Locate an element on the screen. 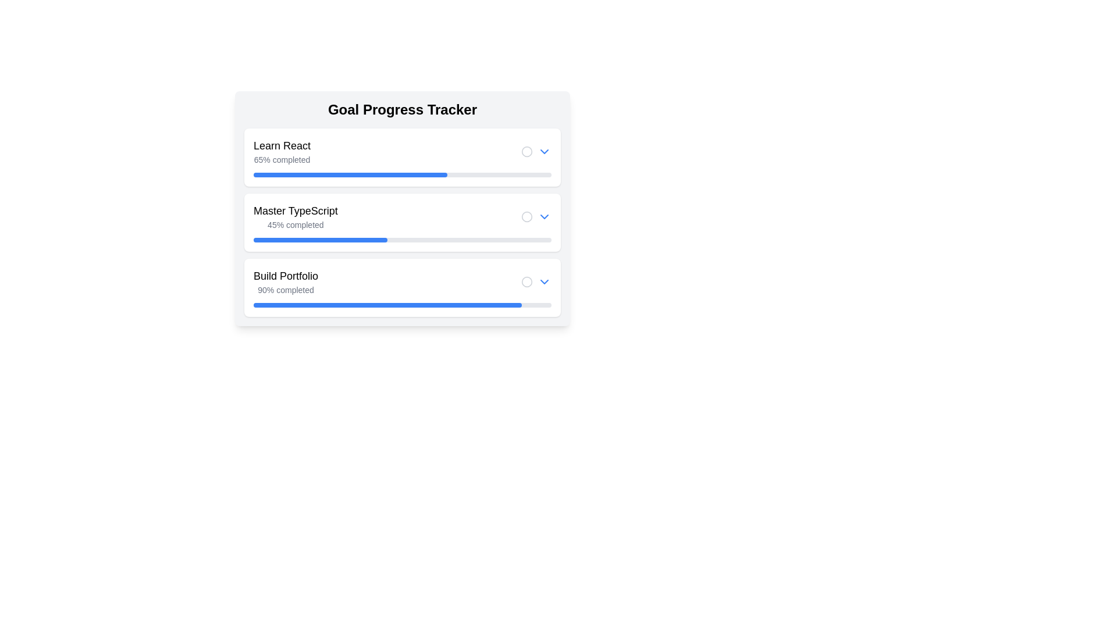  the text label displaying 'Master TypeScript', which is the title above the progress tracker and progress bar is located at coordinates (296, 210).